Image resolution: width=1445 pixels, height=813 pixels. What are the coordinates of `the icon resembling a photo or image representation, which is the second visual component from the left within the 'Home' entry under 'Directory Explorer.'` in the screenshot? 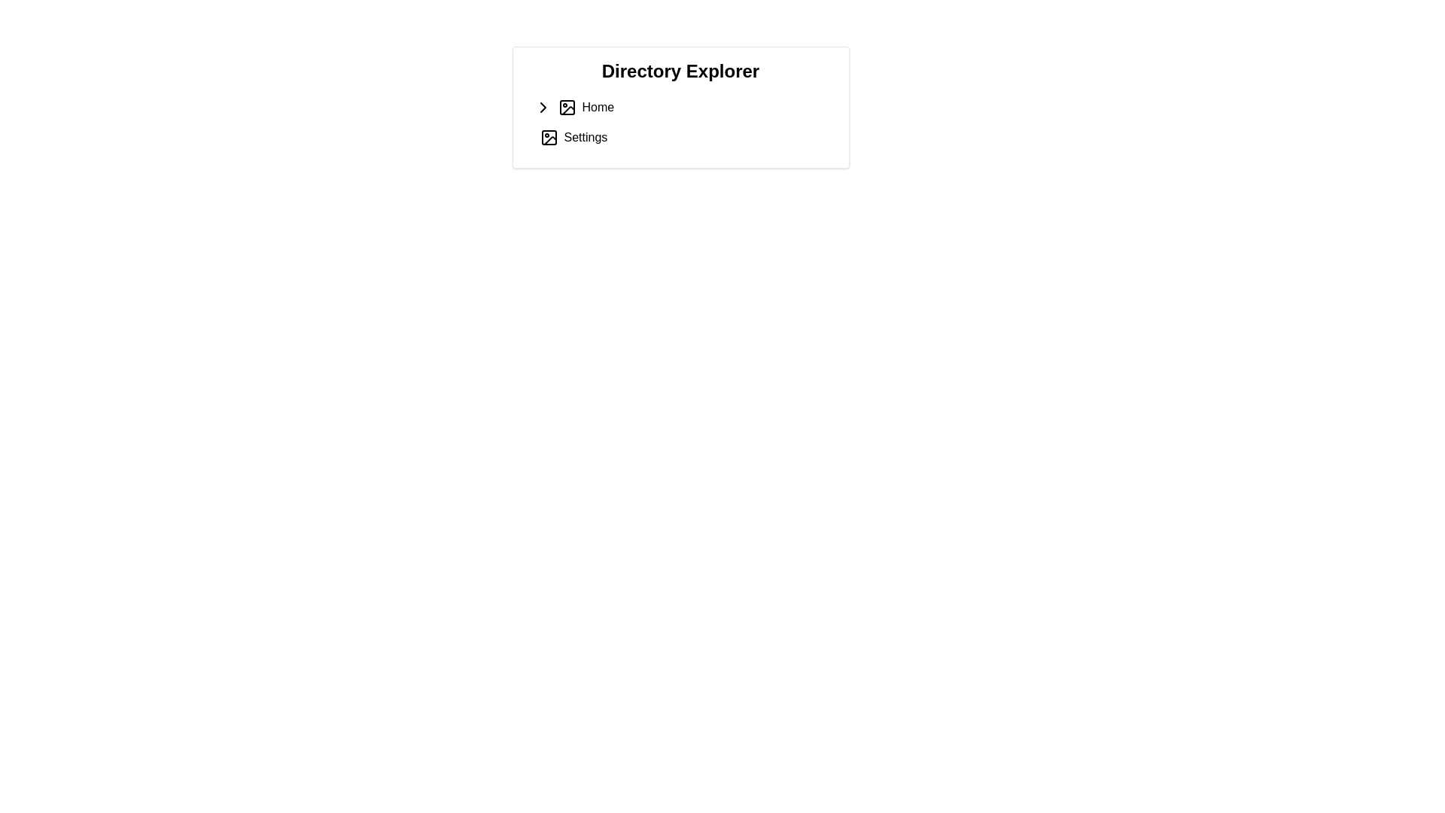 It's located at (566, 106).